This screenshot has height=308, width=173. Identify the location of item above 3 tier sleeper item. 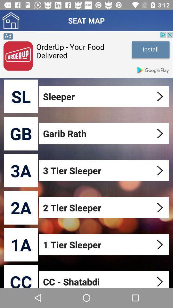
(104, 133).